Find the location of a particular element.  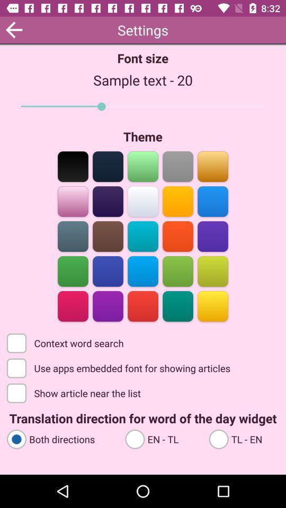

changes the theme to blue is located at coordinates (108, 270).